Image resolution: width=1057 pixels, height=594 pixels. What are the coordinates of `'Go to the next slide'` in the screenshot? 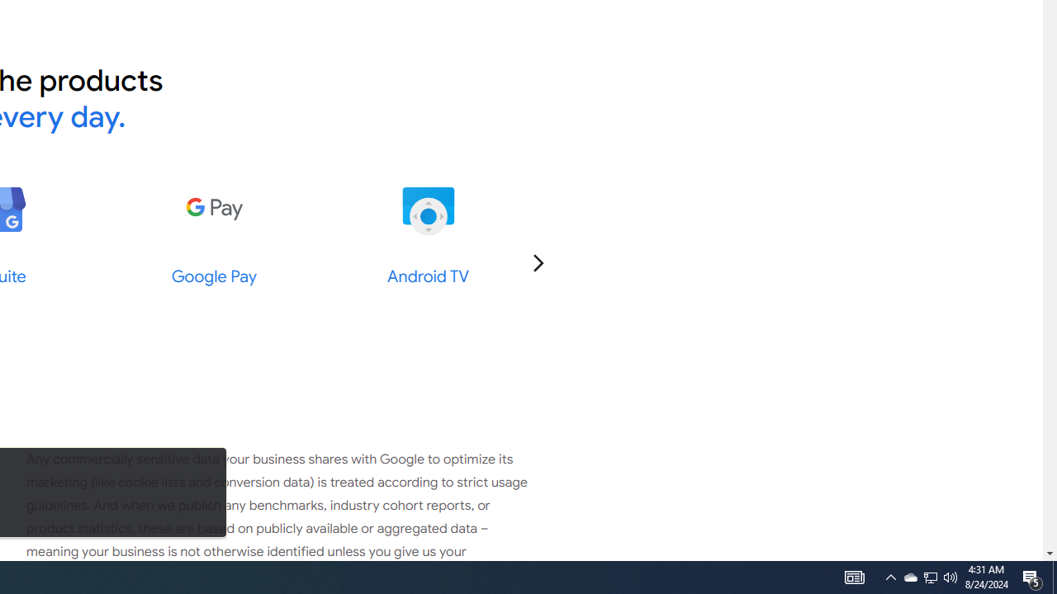 It's located at (538, 262).